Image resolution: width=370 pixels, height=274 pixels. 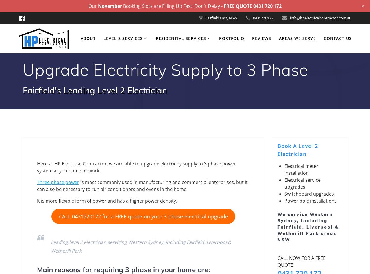 I want to click on 'CALL NOW FOR A FREE QUOTE', so click(x=301, y=261).